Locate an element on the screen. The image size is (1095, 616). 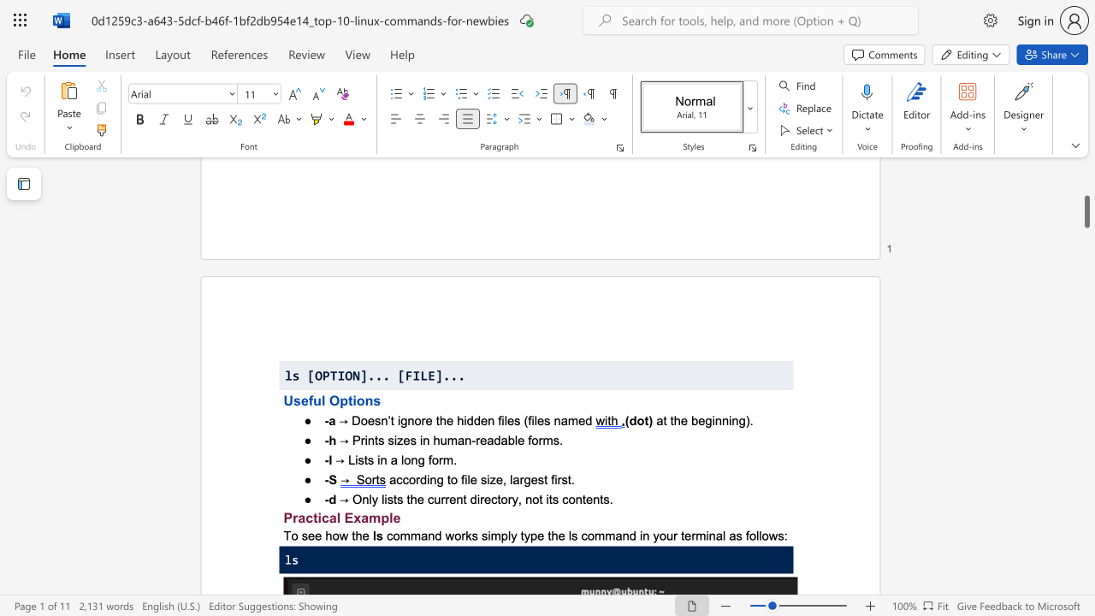
the subset text "s in a lo" within the text "→ Lists in a long form." is located at coordinates (366, 459).